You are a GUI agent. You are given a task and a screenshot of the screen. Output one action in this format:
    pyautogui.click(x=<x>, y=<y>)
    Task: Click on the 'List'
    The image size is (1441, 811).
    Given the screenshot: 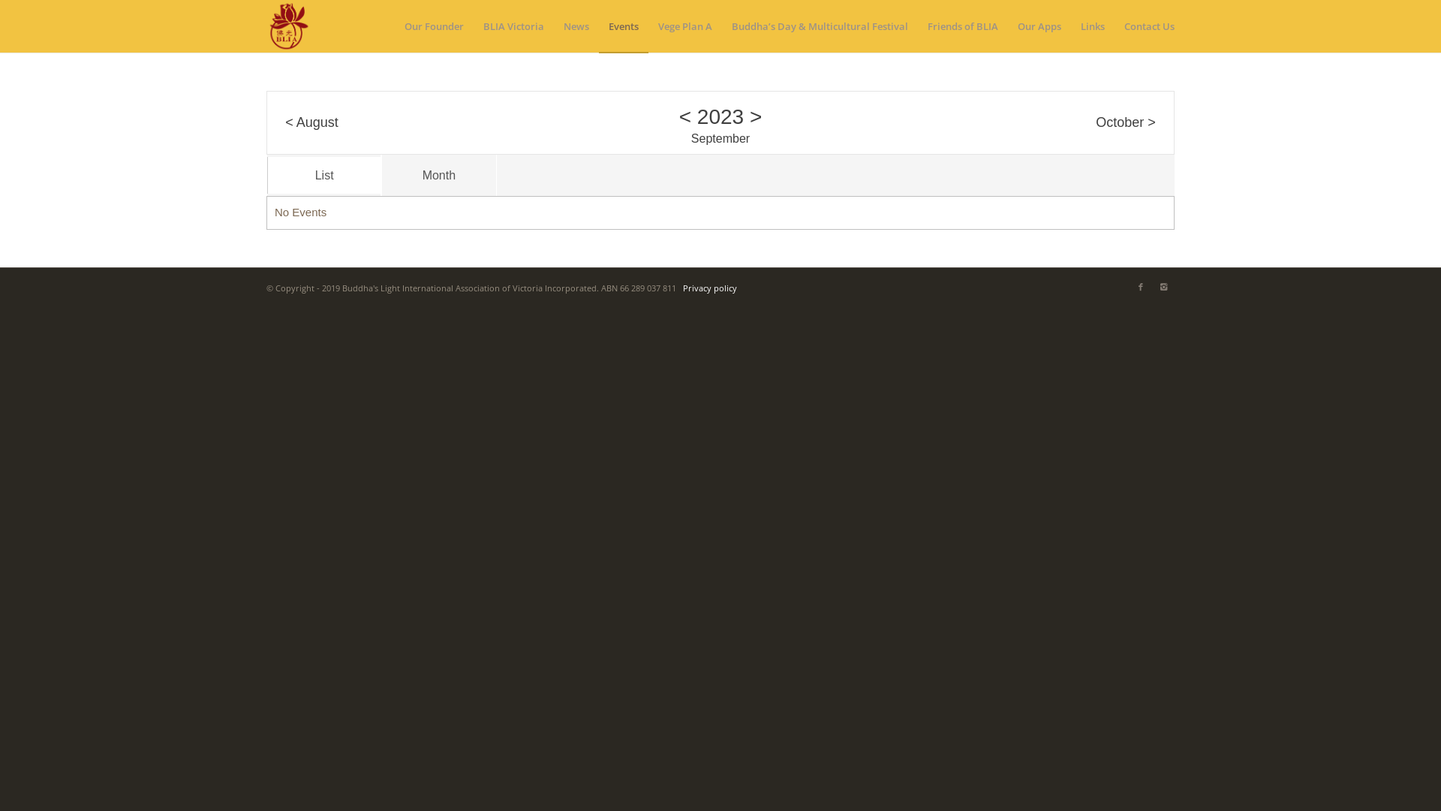 What is the action you would take?
    pyautogui.click(x=323, y=174)
    